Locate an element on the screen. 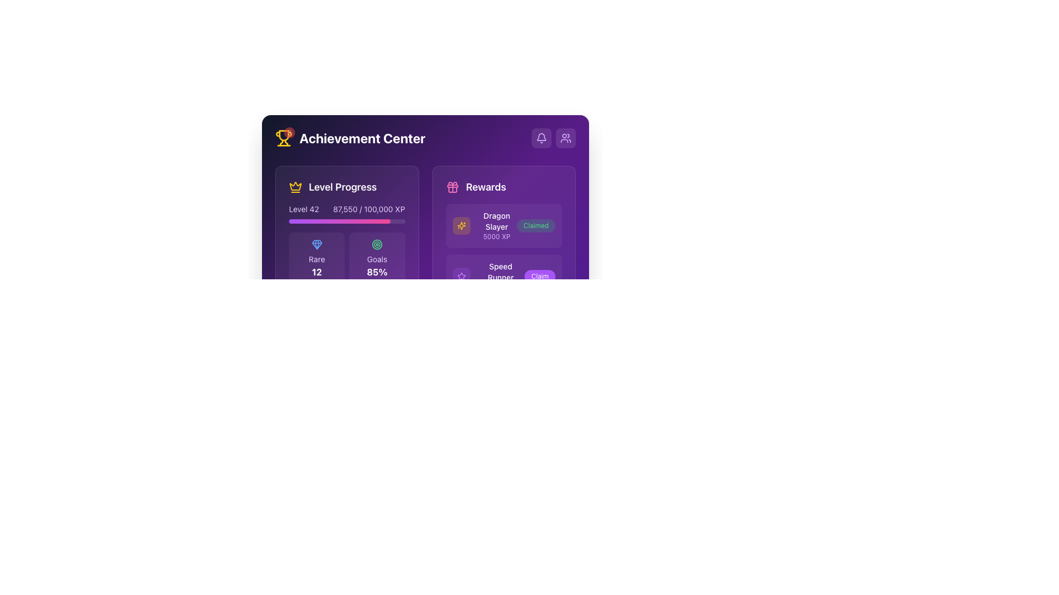  the purple star-shaped icon located in the 'Rewards' section of the 'Achievement Center' UI, which is positioned near the 'Claimed' and 'Dragon Slayer' text elements is located at coordinates (461, 275).